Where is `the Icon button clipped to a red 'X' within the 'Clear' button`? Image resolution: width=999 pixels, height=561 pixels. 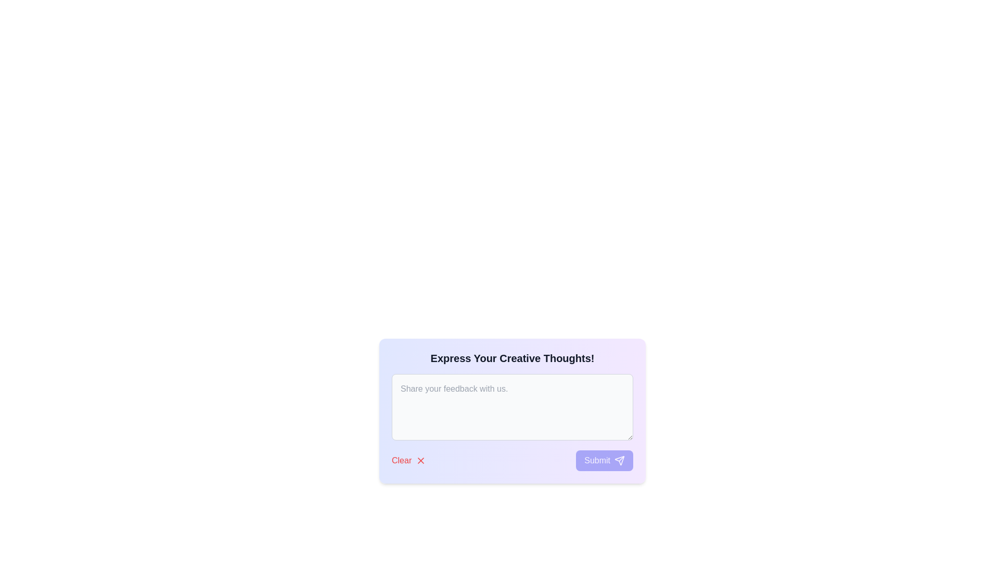
the Icon button clipped to a red 'X' within the 'Clear' button is located at coordinates (421, 460).